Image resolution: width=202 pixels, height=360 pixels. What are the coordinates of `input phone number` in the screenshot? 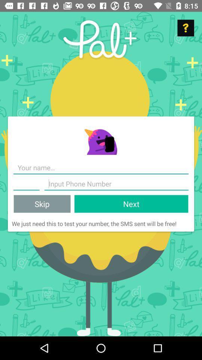 It's located at (116, 183).